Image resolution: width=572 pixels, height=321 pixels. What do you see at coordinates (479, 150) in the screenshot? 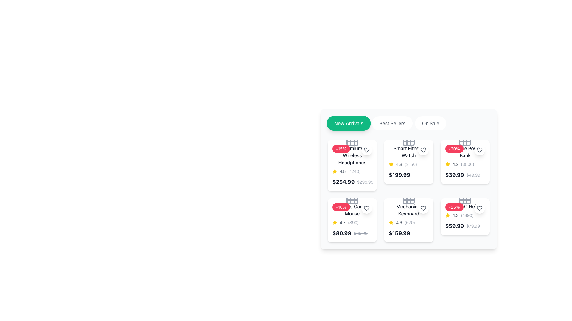
I see `the interactive heart icon in the top-right corner of the card representing the 'Portable Power Bank' to mark it as favorite or remove it from favorites` at bounding box center [479, 150].